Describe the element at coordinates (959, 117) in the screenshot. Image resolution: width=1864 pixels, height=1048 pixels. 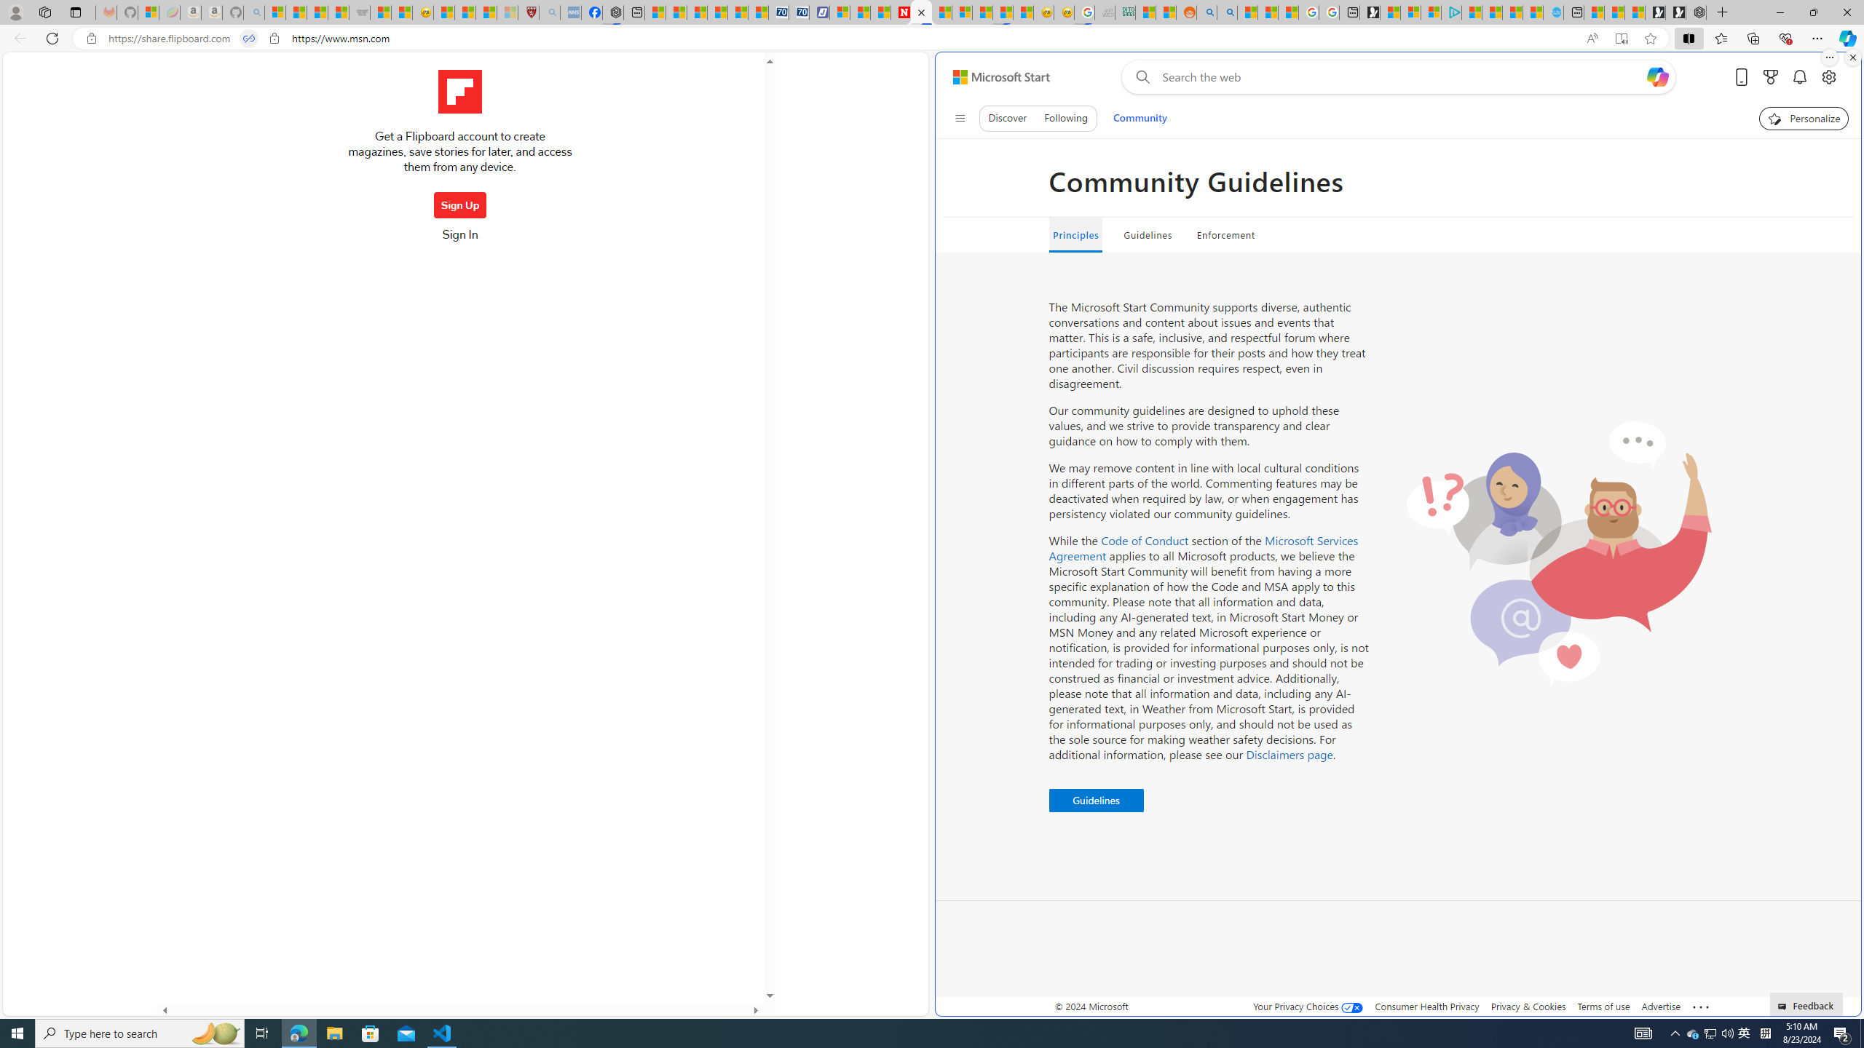
I see `'Class: control icon-only'` at that location.